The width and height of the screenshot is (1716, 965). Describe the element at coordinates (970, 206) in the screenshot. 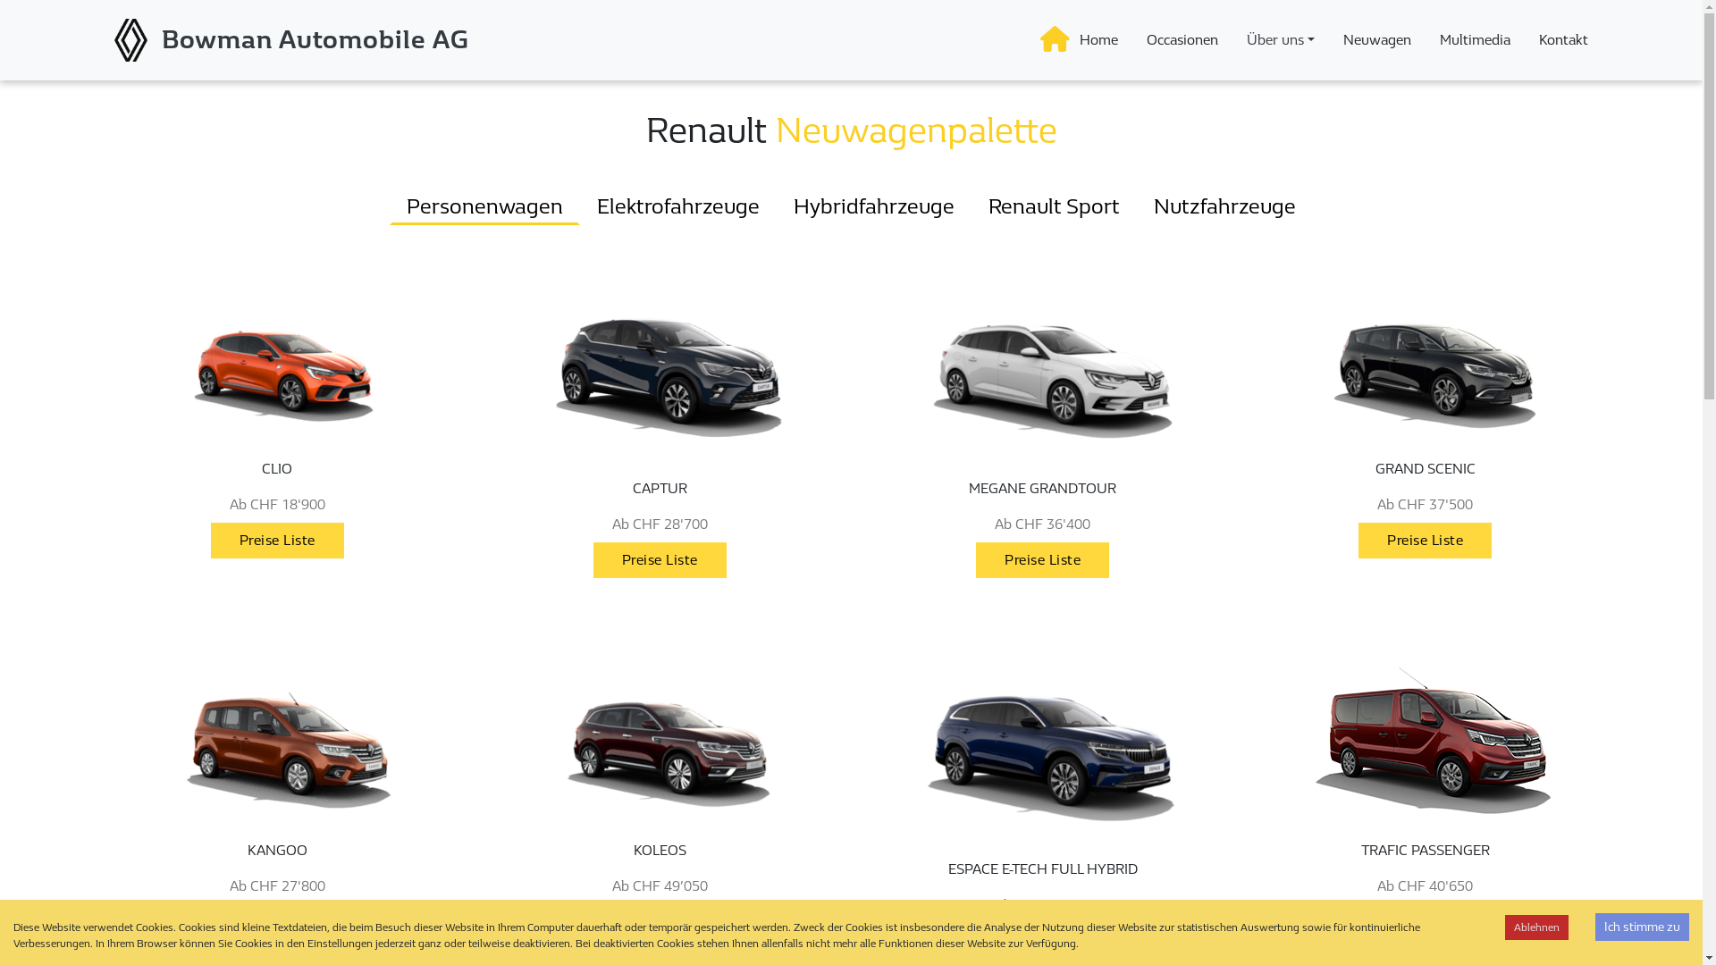

I see `'Renault Sport'` at that location.